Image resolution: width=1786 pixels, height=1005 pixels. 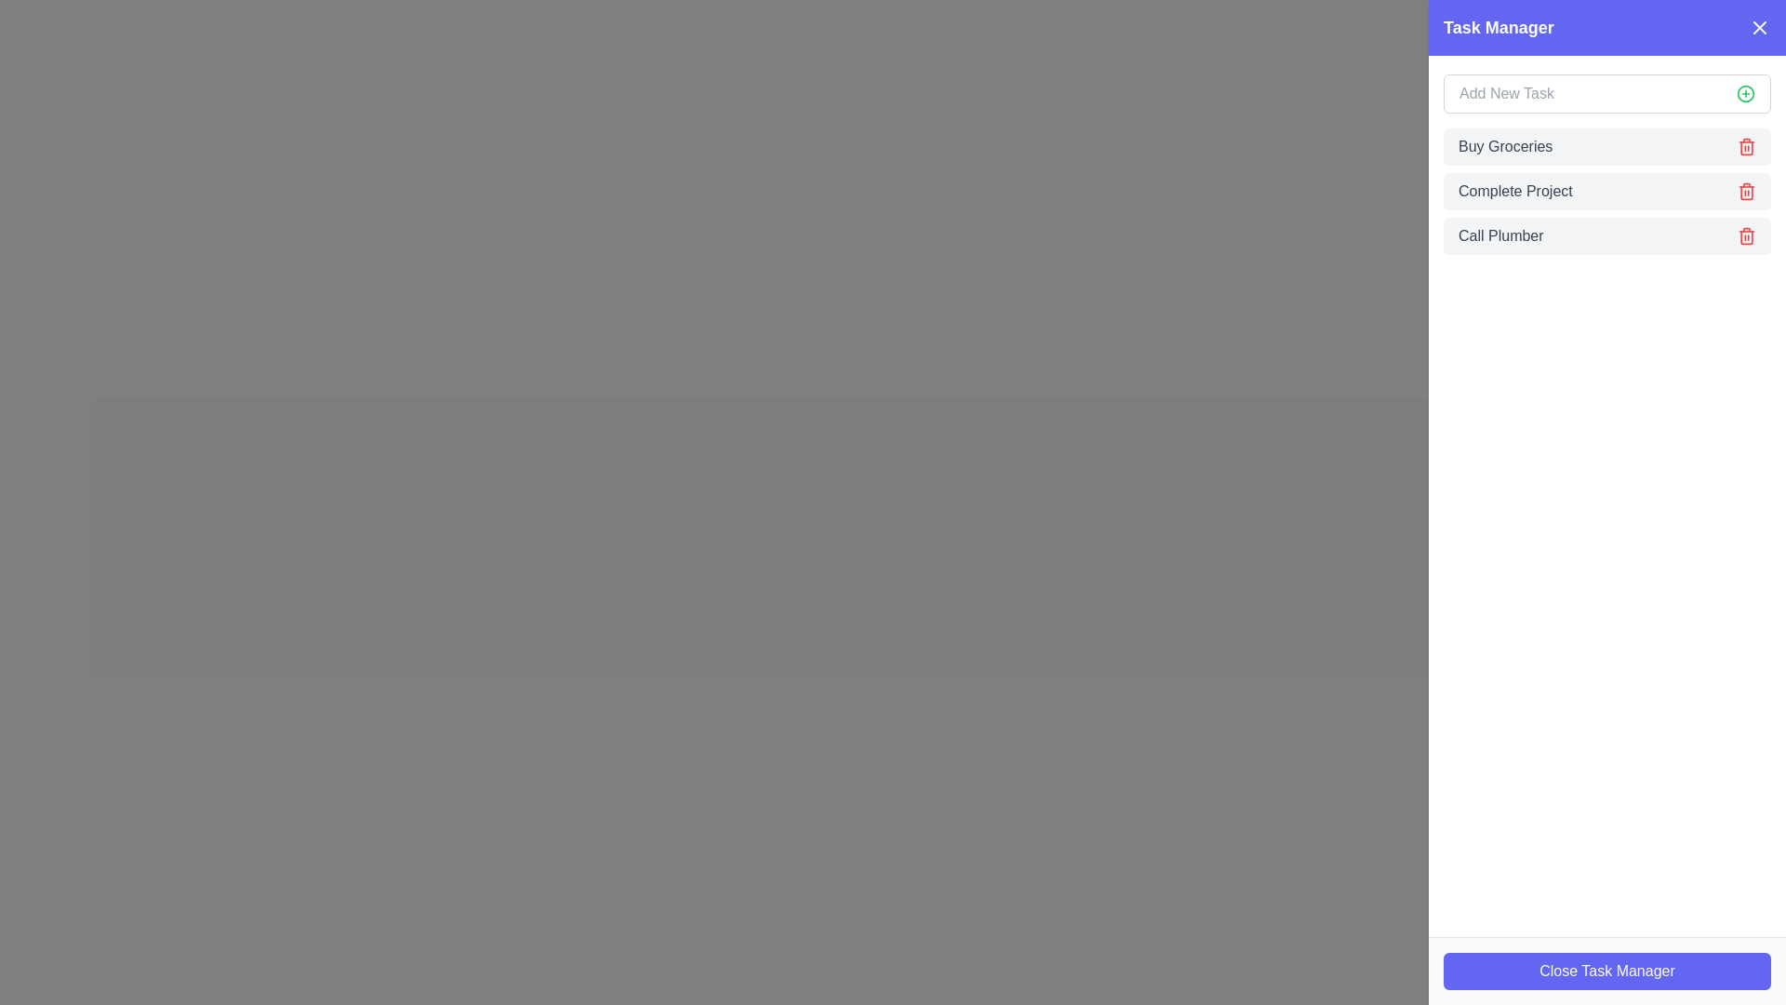 What do you see at coordinates (1745, 235) in the screenshot?
I see `the delete button icon for the 'Call Plumber' task` at bounding box center [1745, 235].